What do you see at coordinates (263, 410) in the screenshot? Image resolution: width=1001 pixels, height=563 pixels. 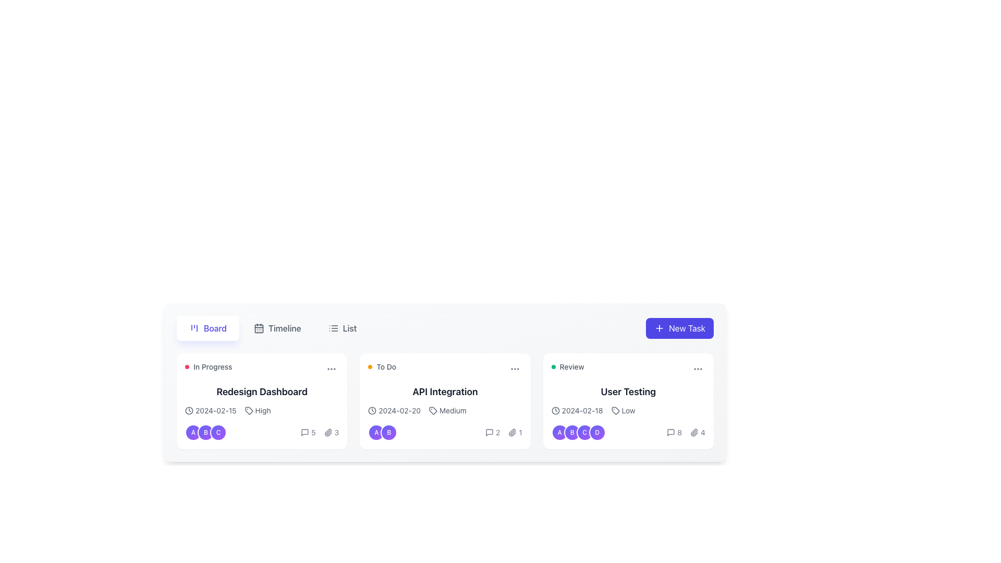 I see `the priority level label positioned to the right of the tag icon in the upper-left card of the grid layout` at bounding box center [263, 410].